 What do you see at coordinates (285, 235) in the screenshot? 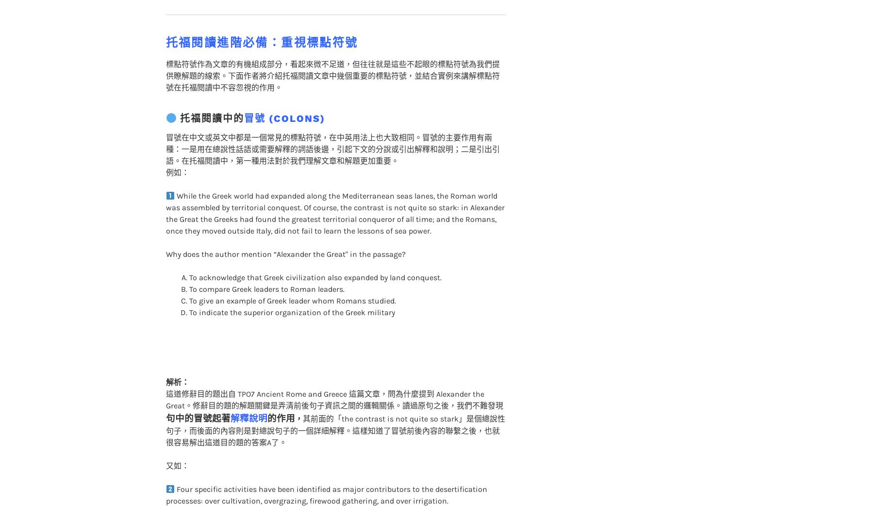
I see `'Why does the author mention “Alexander the Great" in the passage?'` at bounding box center [285, 235].